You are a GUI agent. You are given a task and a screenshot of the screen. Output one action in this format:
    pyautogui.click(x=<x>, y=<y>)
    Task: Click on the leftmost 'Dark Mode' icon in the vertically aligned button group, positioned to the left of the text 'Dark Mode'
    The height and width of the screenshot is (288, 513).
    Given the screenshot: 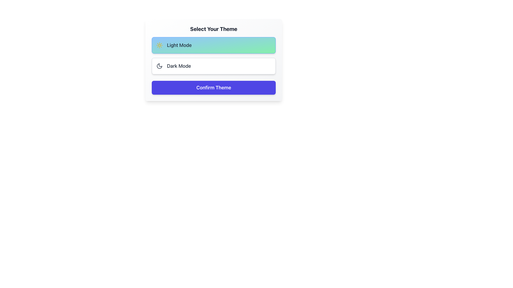 What is the action you would take?
    pyautogui.click(x=159, y=66)
    